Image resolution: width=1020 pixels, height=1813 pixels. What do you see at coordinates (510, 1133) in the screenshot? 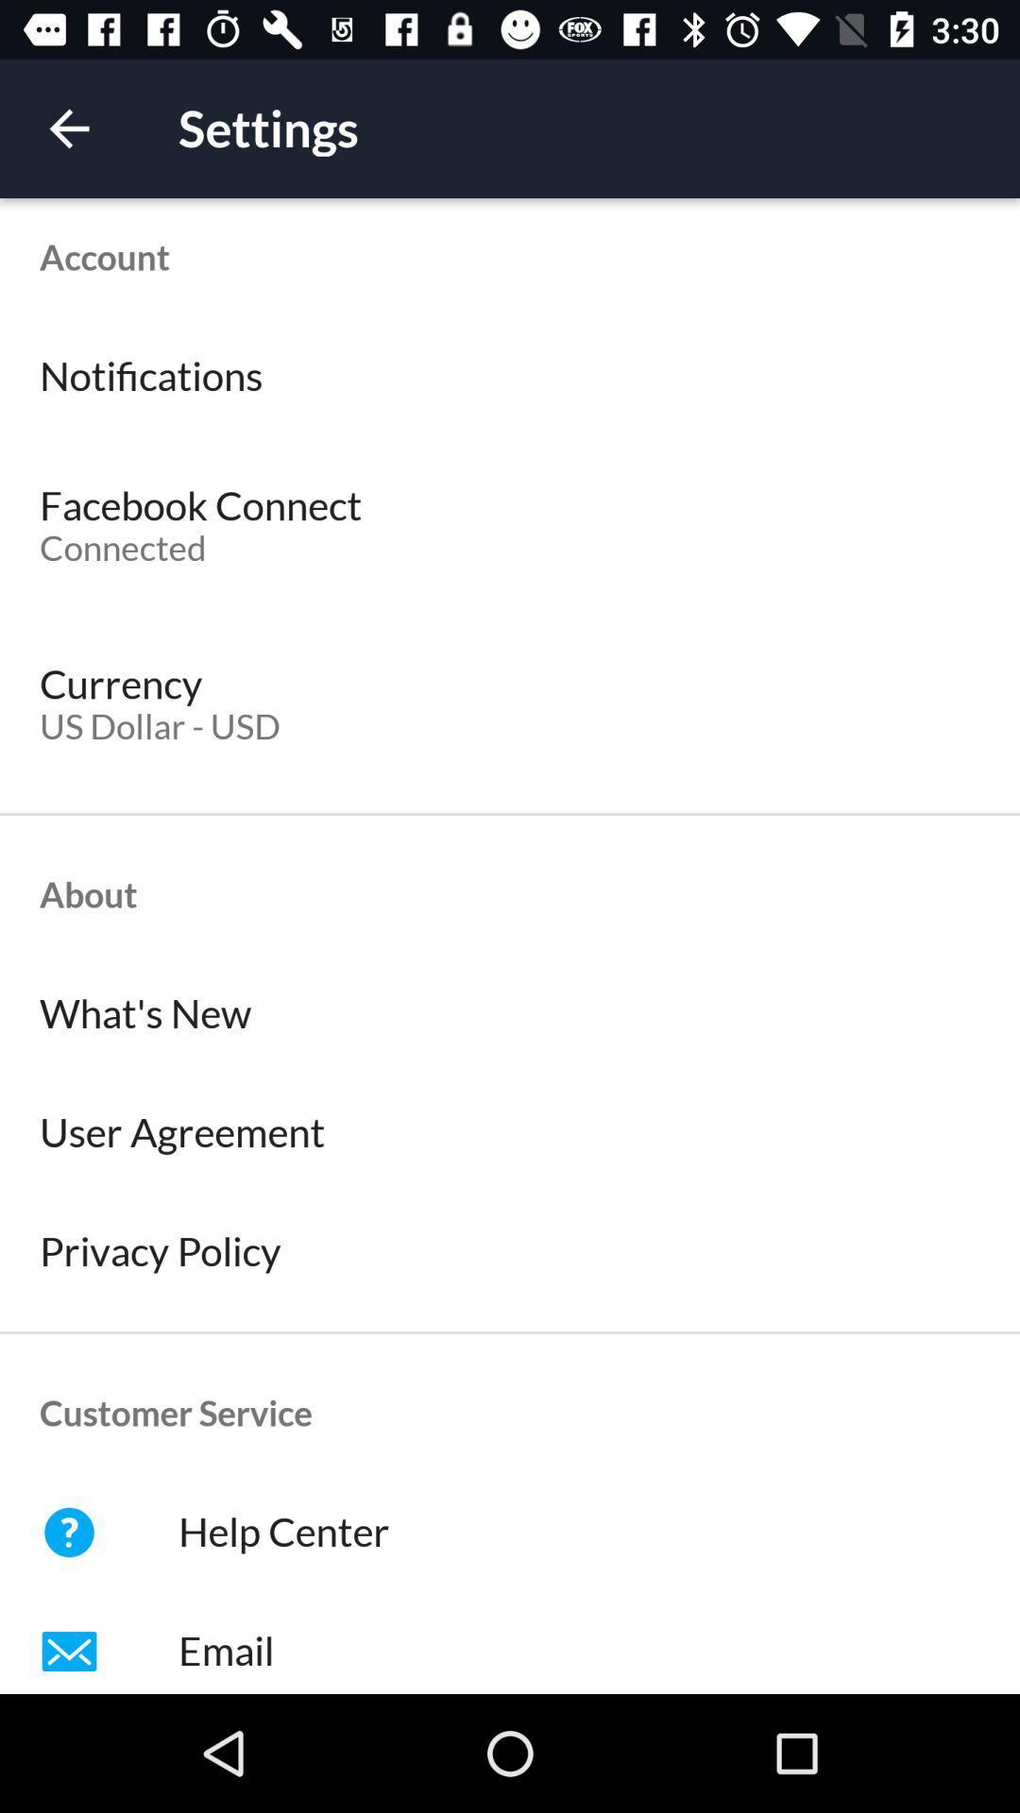
I see `item below the what's new item` at bounding box center [510, 1133].